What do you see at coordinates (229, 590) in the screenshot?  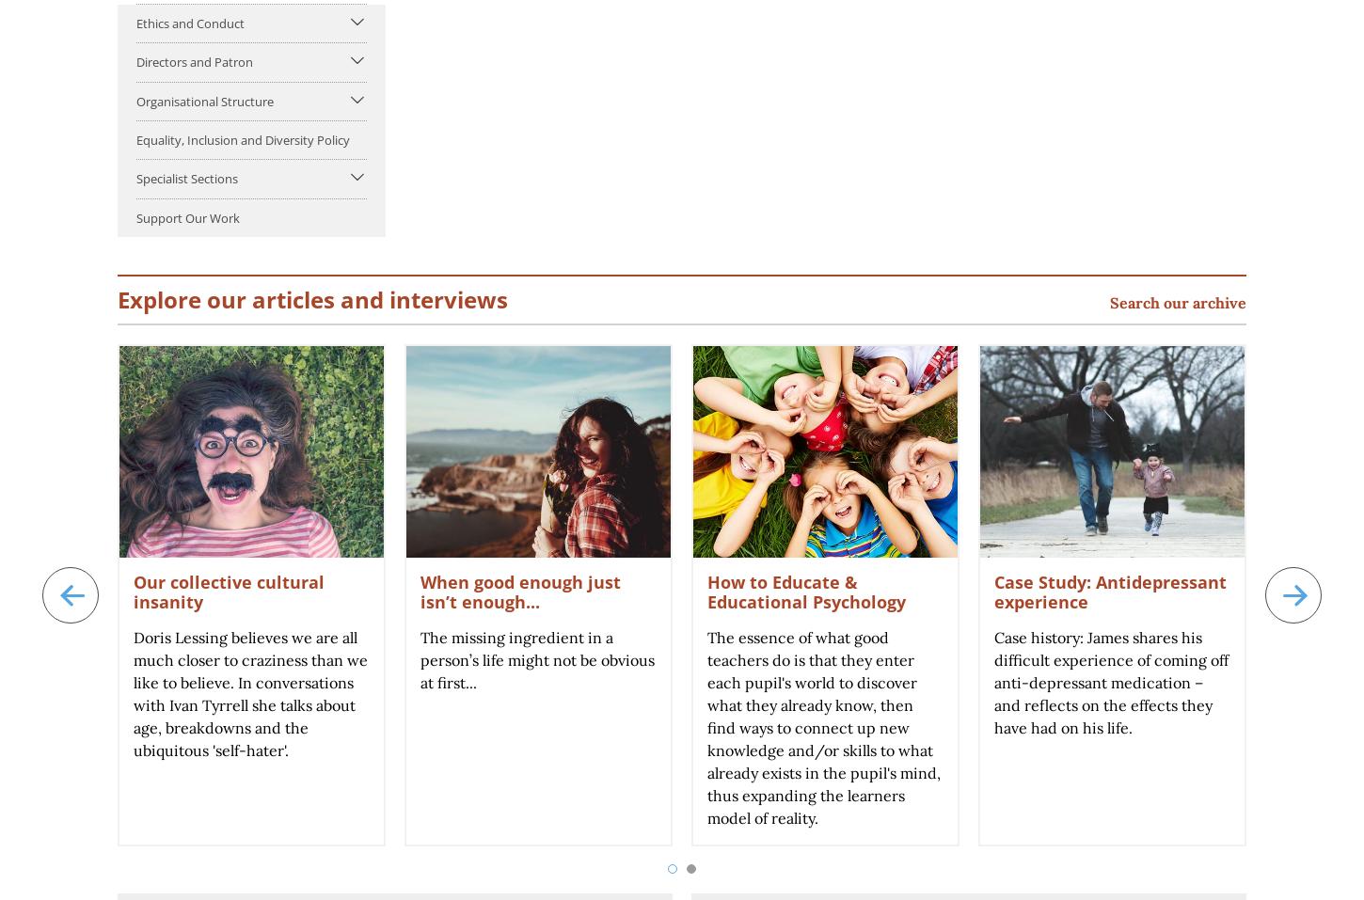 I see `'Our collective cultural insanity'` at bounding box center [229, 590].